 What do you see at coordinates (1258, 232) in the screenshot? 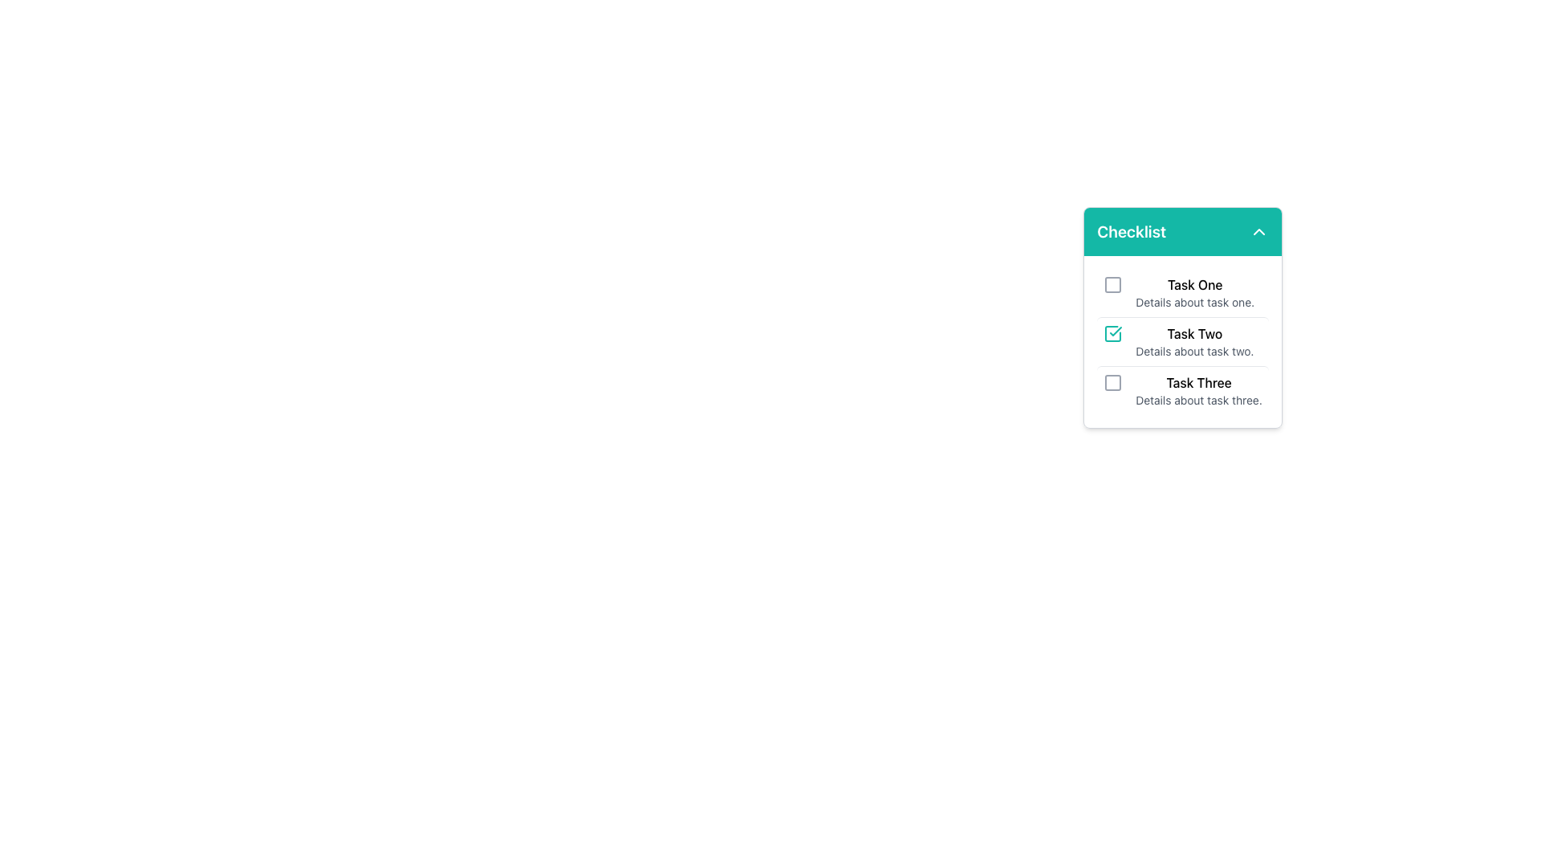
I see `the chevron icon in the top-right corner of the teal-colored header bar of the checklist UI component` at bounding box center [1258, 232].